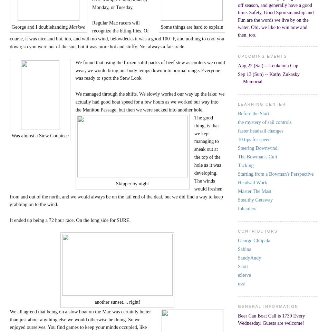  I want to click on 'another sunset.... right!', so click(94, 301).